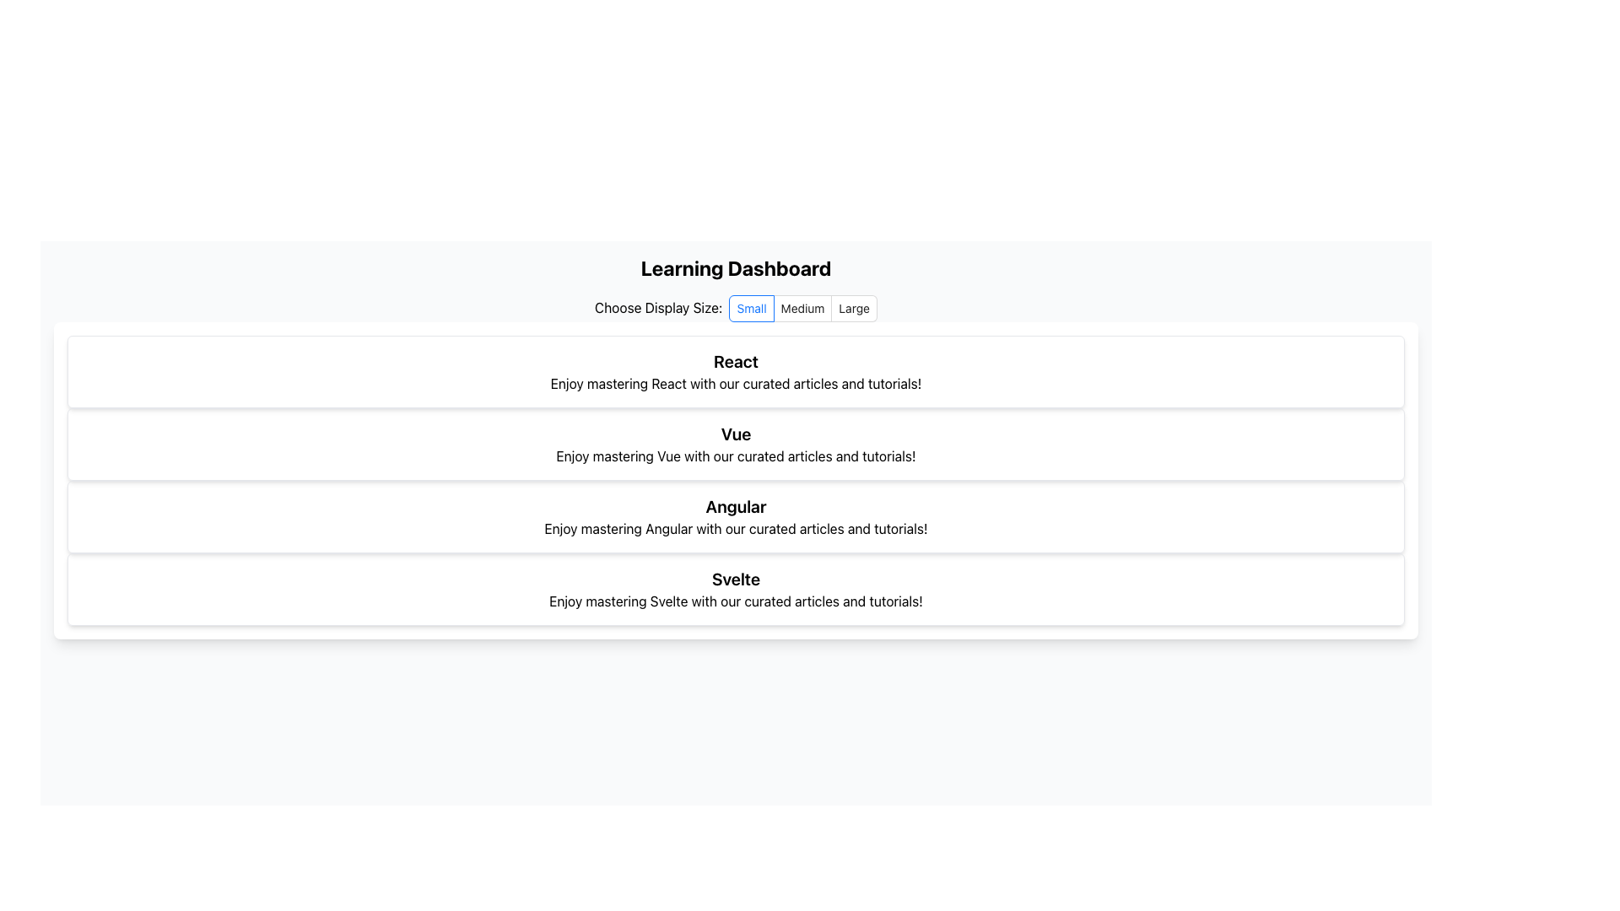 This screenshot has width=1620, height=911. What do you see at coordinates (855, 309) in the screenshot?
I see `the 'Large' radio button` at bounding box center [855, 309].